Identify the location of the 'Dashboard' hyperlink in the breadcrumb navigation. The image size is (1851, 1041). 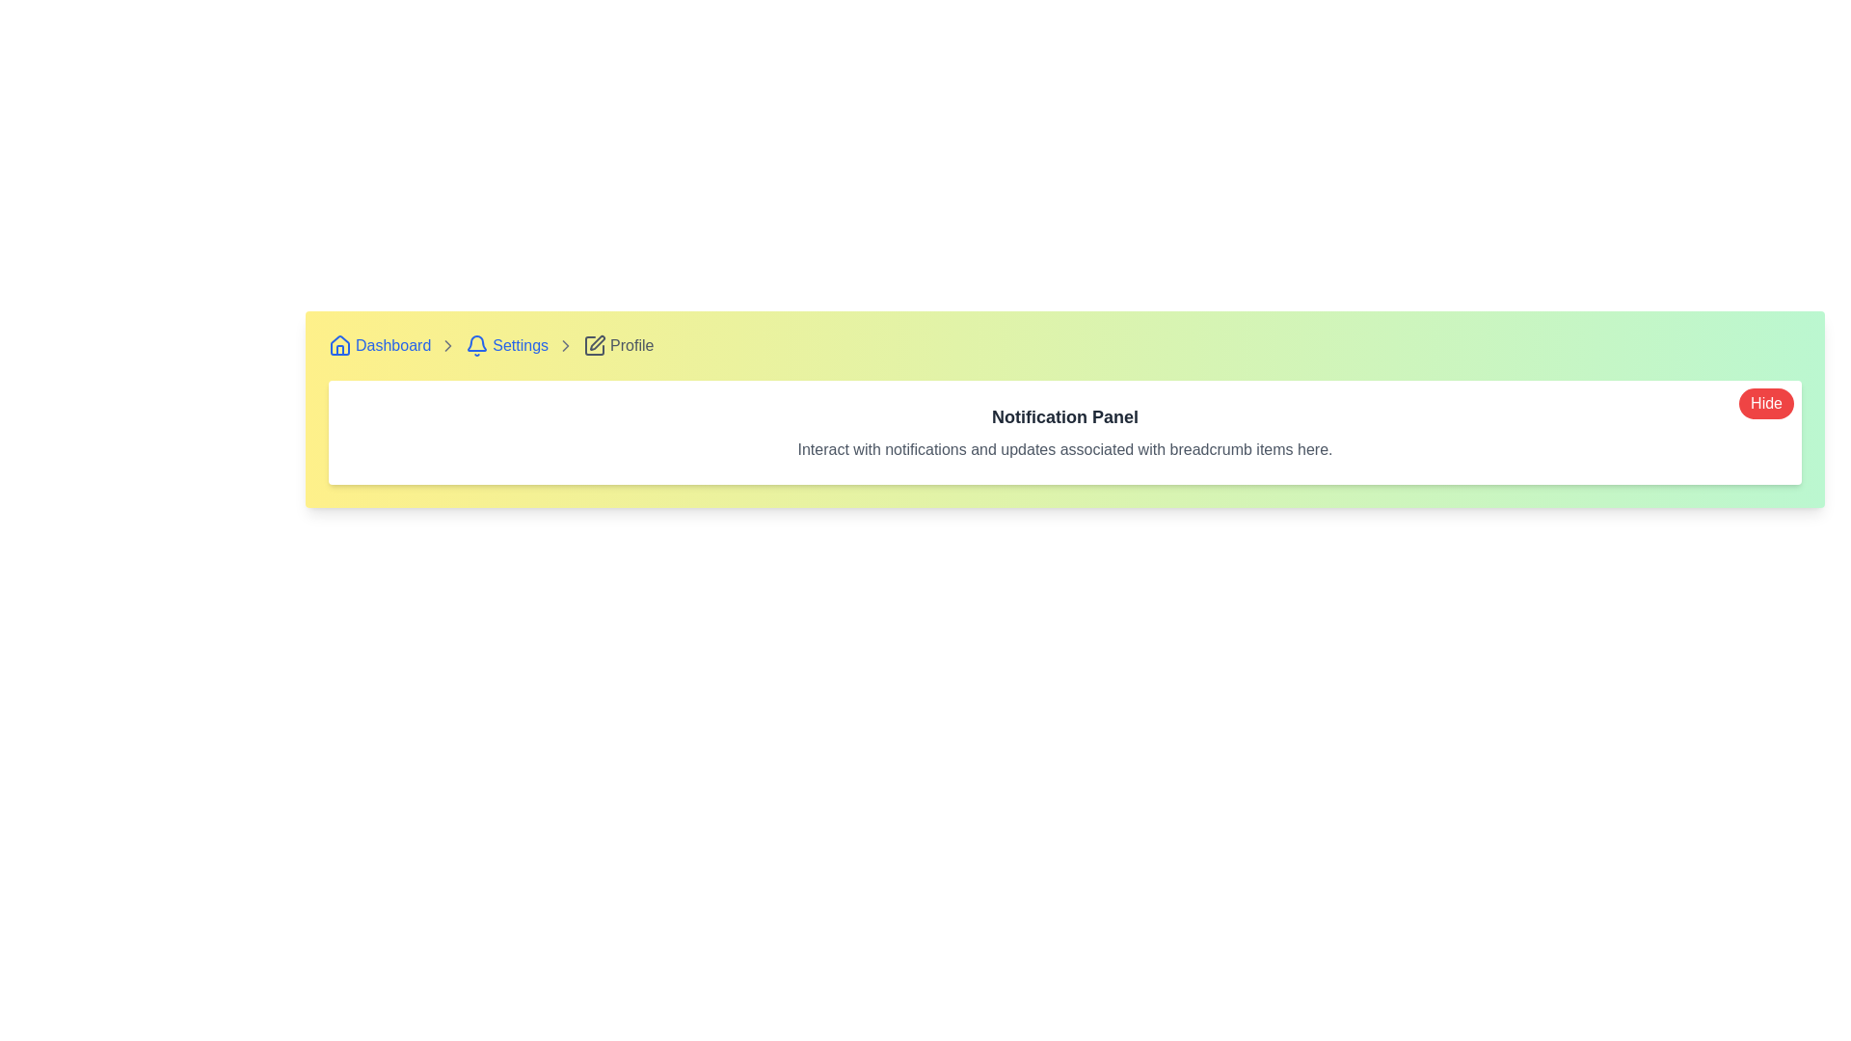
(380, 344).